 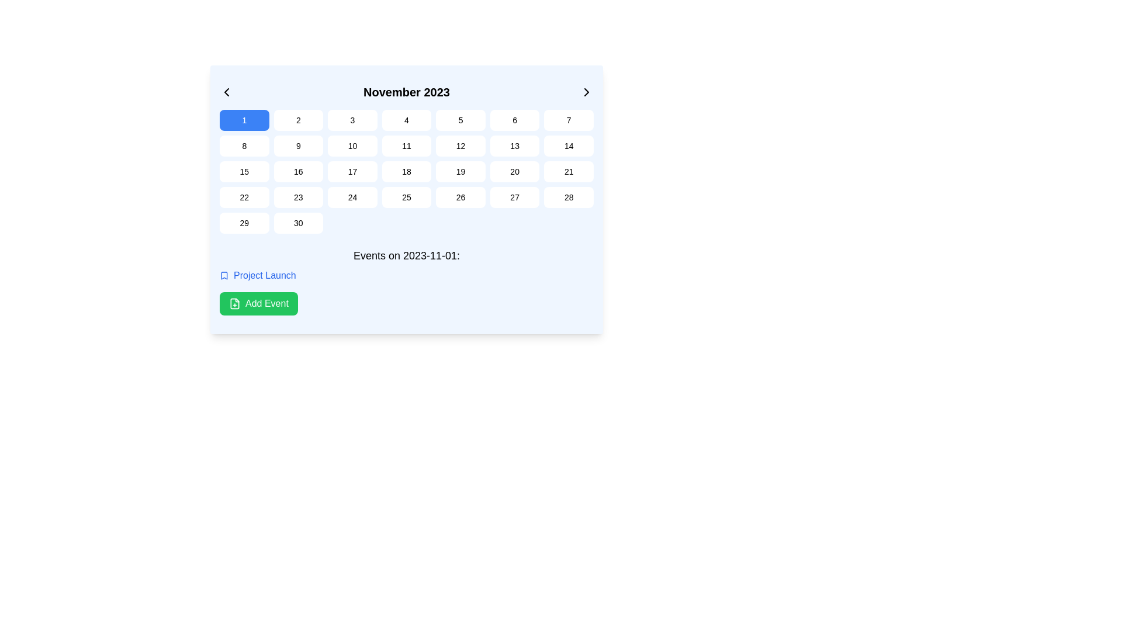 What do you see at coordinates (244, 145) in the screenshot?
I see `the selectable date button located in the second row and first column of the calendar grid for November 2023` at bounding box center [244, 145].